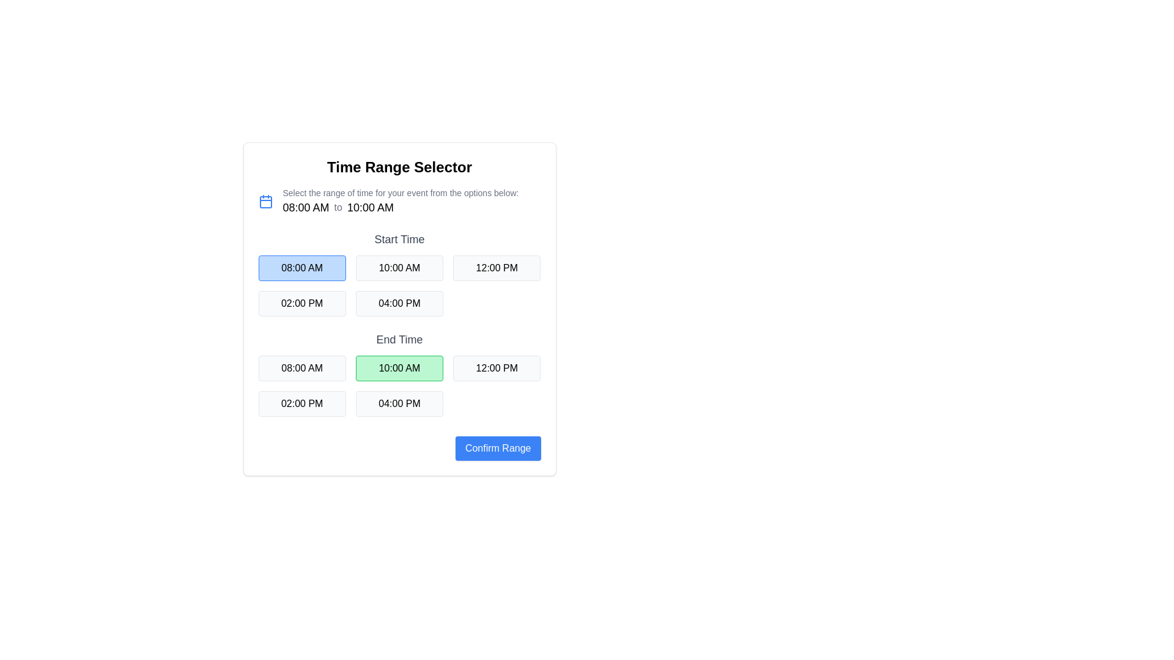  I want to click on the rectangular button with rounded corners labeled '12:00 PM', so click(497, 268).